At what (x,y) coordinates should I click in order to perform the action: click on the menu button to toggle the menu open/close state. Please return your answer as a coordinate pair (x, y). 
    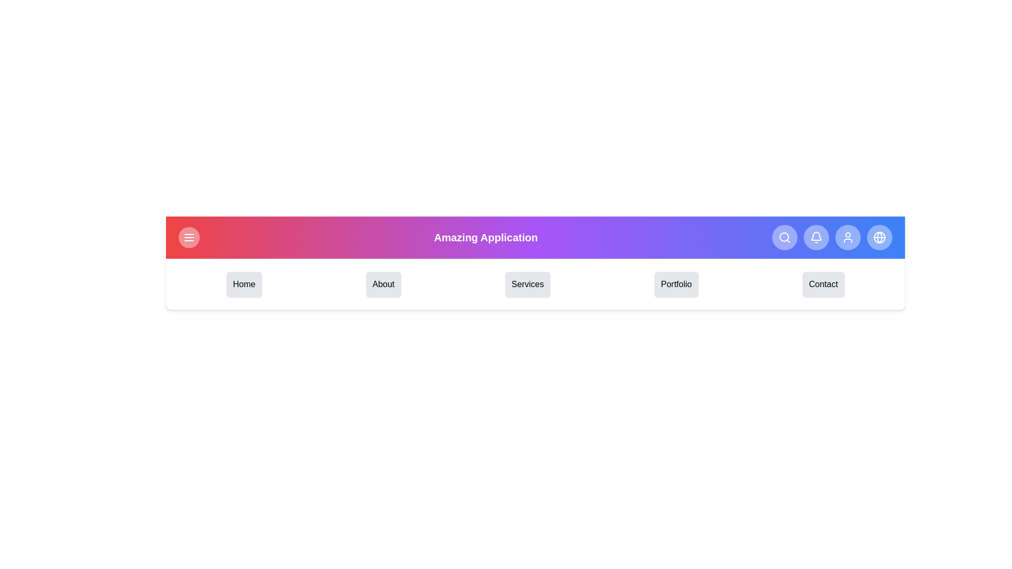
    Looking at the image, I should click on (189, 238).